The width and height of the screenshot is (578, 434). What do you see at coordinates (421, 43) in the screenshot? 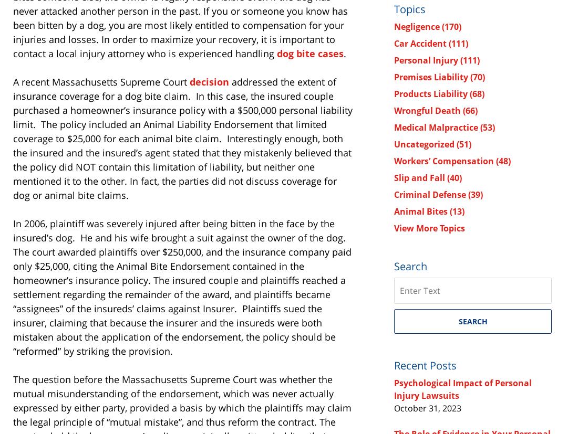
I see `'Car Accident'` at bounding box center [421, 43].